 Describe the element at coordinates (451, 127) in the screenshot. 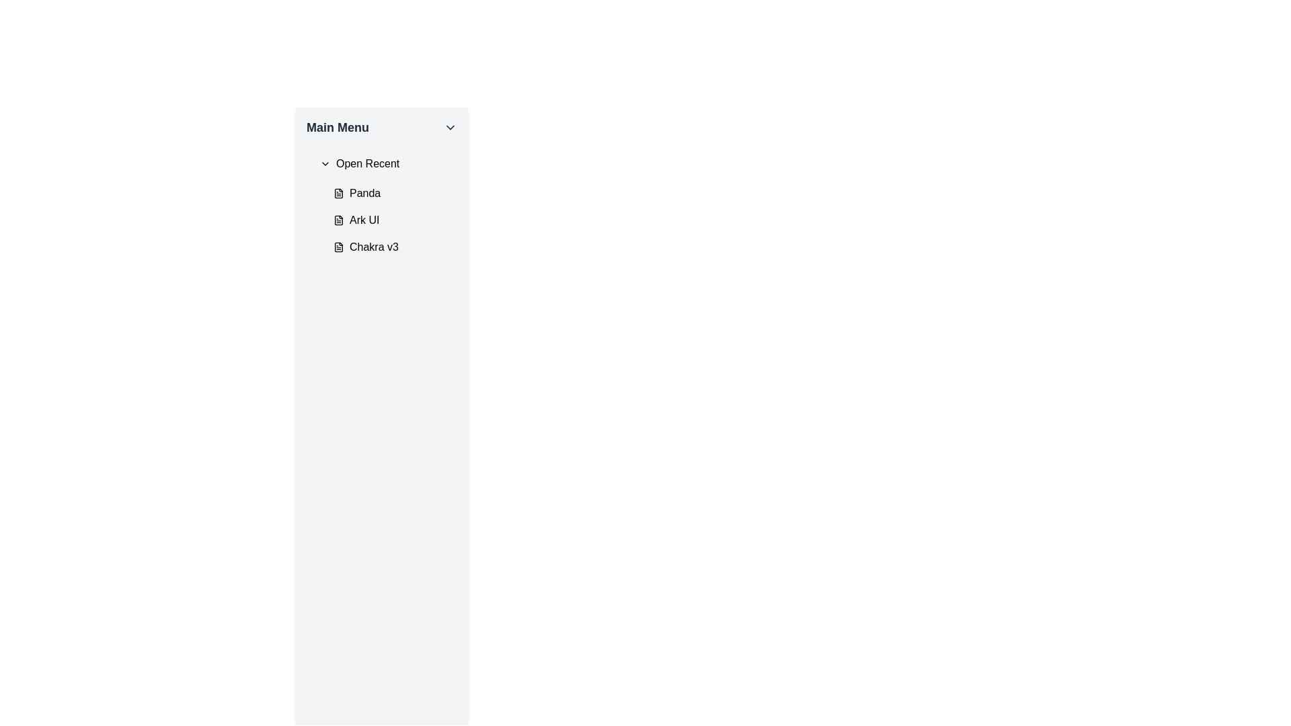

I see `the downward-facing chevron icon in the 'Main Menu' header` at that location.